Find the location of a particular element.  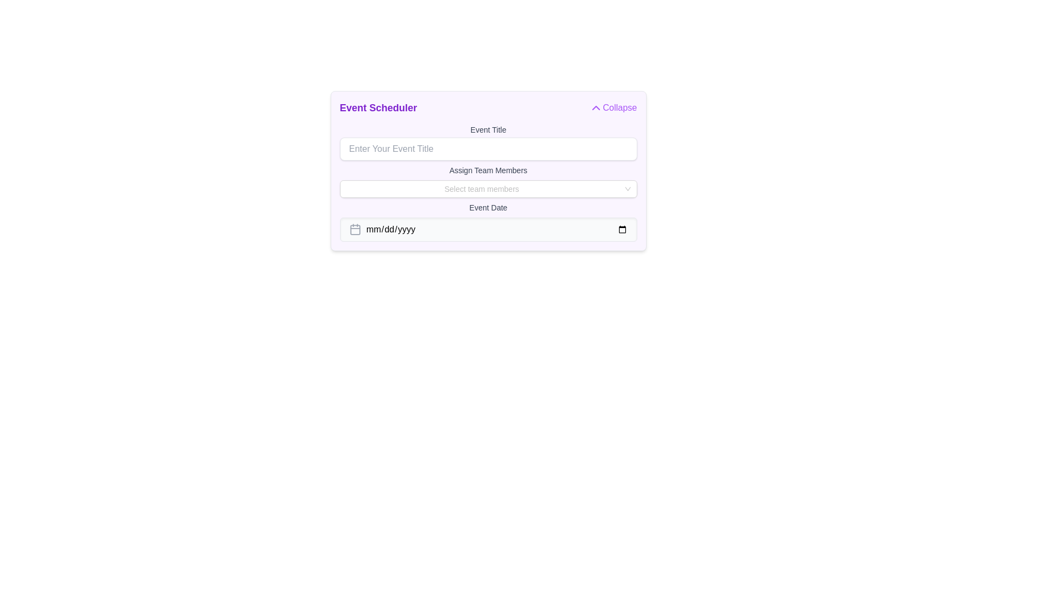

the date input field located centrally under the 'Event Date' label is located at coordinates (496, 229).